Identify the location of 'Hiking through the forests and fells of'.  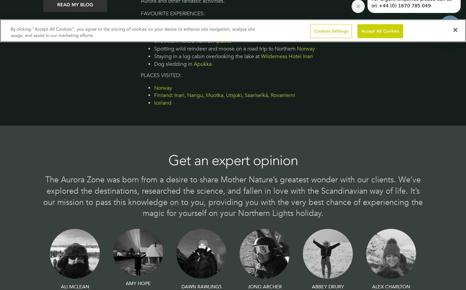
(154, 34).